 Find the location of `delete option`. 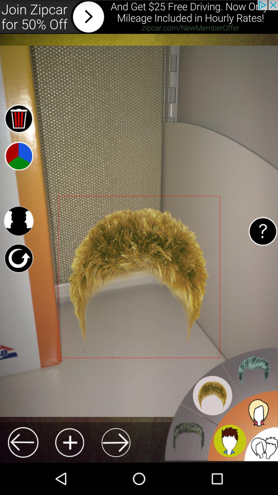

delete option is located at coordinates (18, 118).